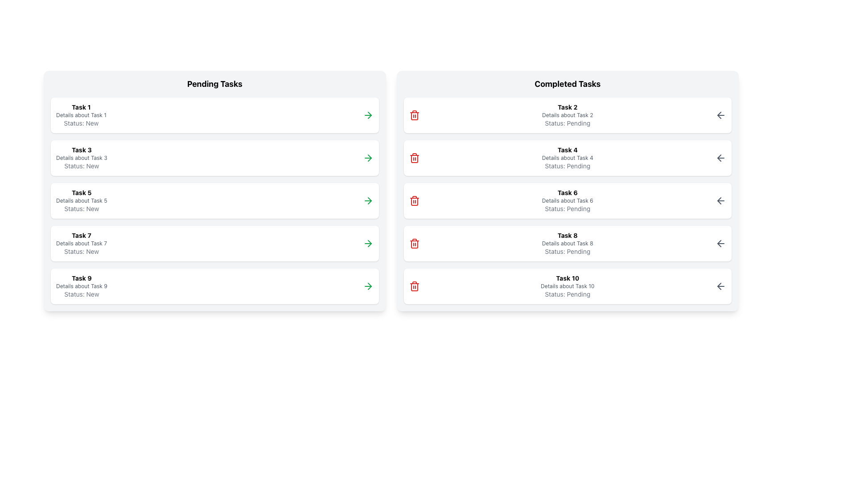 The height and width of the screenshot is (481, 856). I want to click on the fifth List Item Card titled 'Task 9' in the 'Pending Tasks' section, so click(214, 286).